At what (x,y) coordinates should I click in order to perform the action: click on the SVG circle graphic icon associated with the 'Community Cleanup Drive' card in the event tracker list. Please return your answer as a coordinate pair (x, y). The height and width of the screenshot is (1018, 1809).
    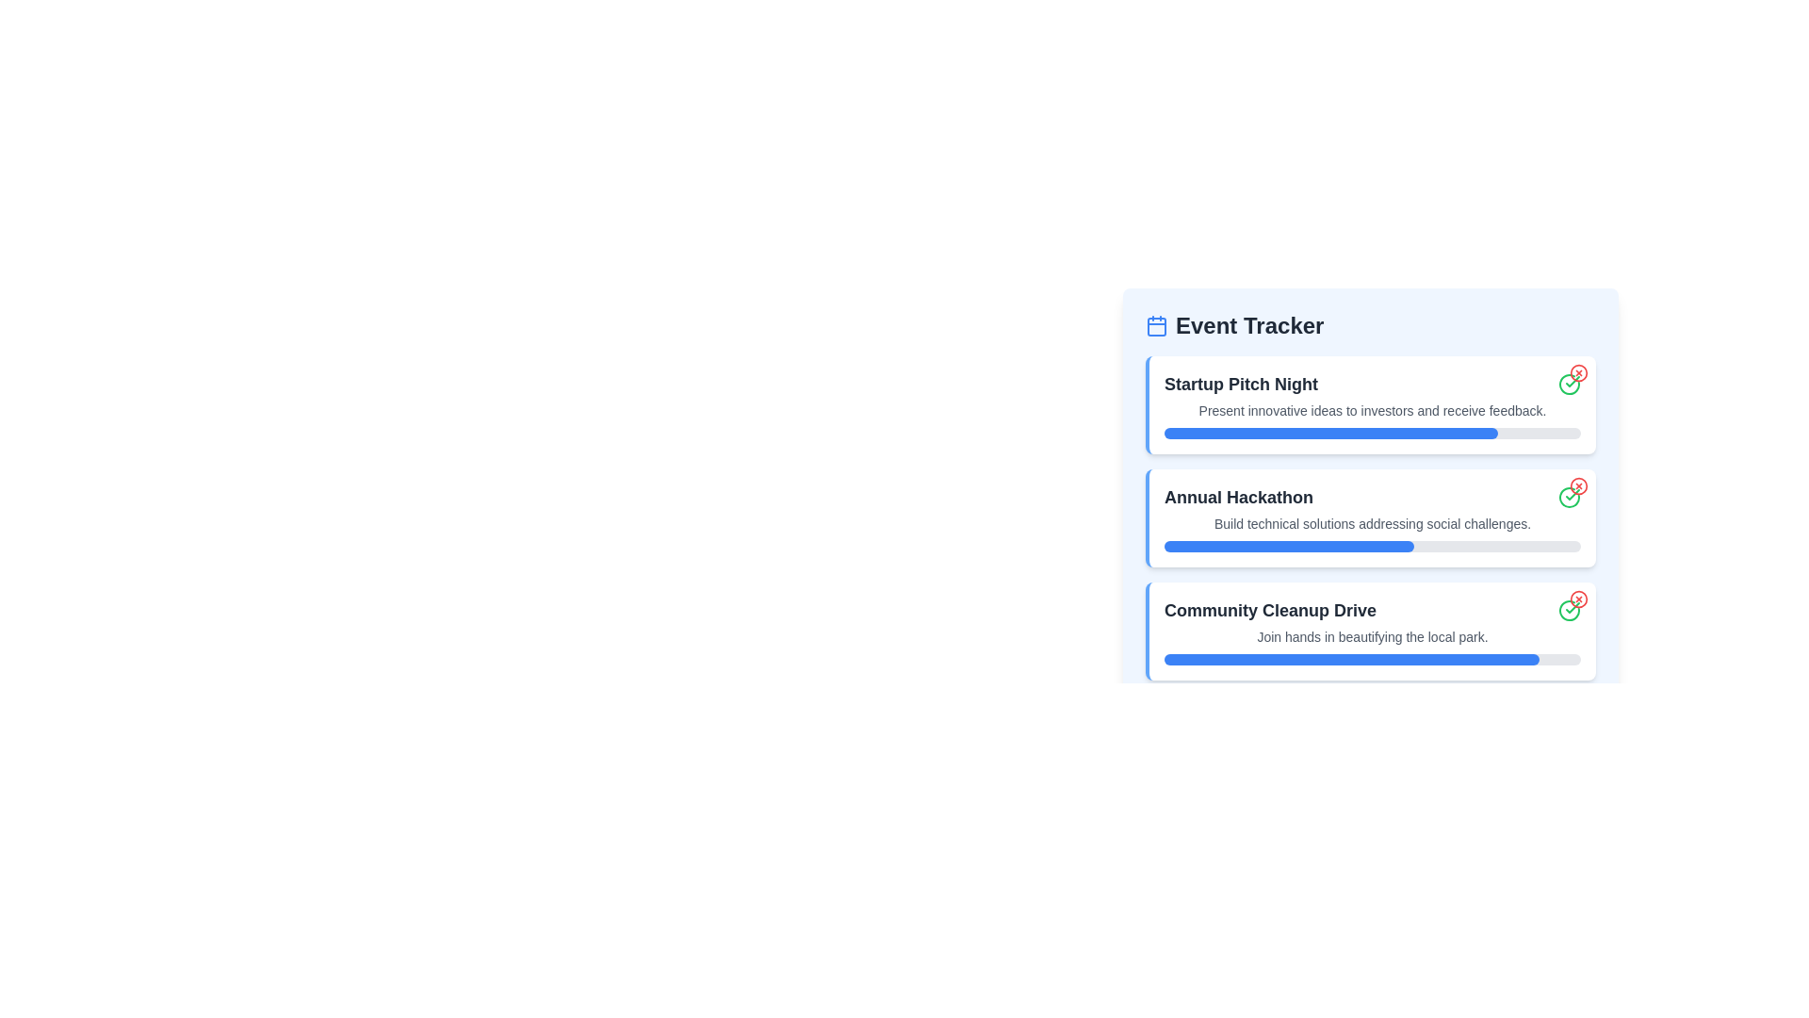
    Looking at the image, I should click on (1578, 599).